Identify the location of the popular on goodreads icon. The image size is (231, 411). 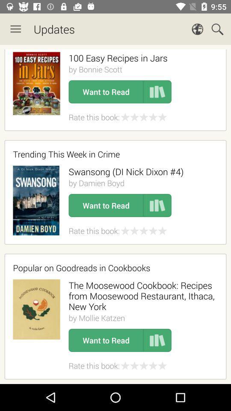
(113, 267).